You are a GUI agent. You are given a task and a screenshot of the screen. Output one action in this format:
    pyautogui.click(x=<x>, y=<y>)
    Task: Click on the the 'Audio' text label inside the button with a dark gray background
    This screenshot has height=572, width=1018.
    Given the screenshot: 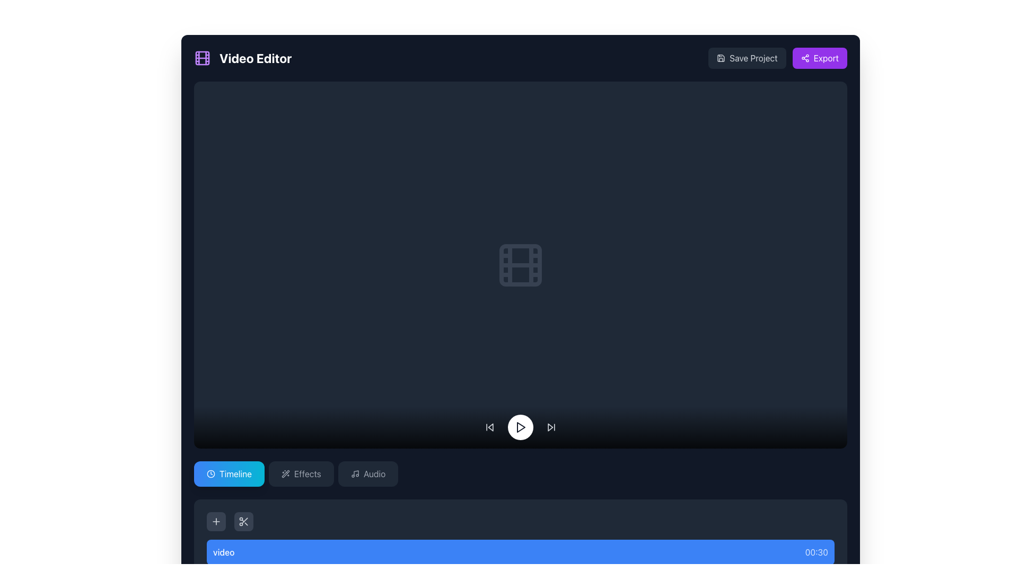 What is the action you would take?
    pyautogui.click(x=374, y=473)
    